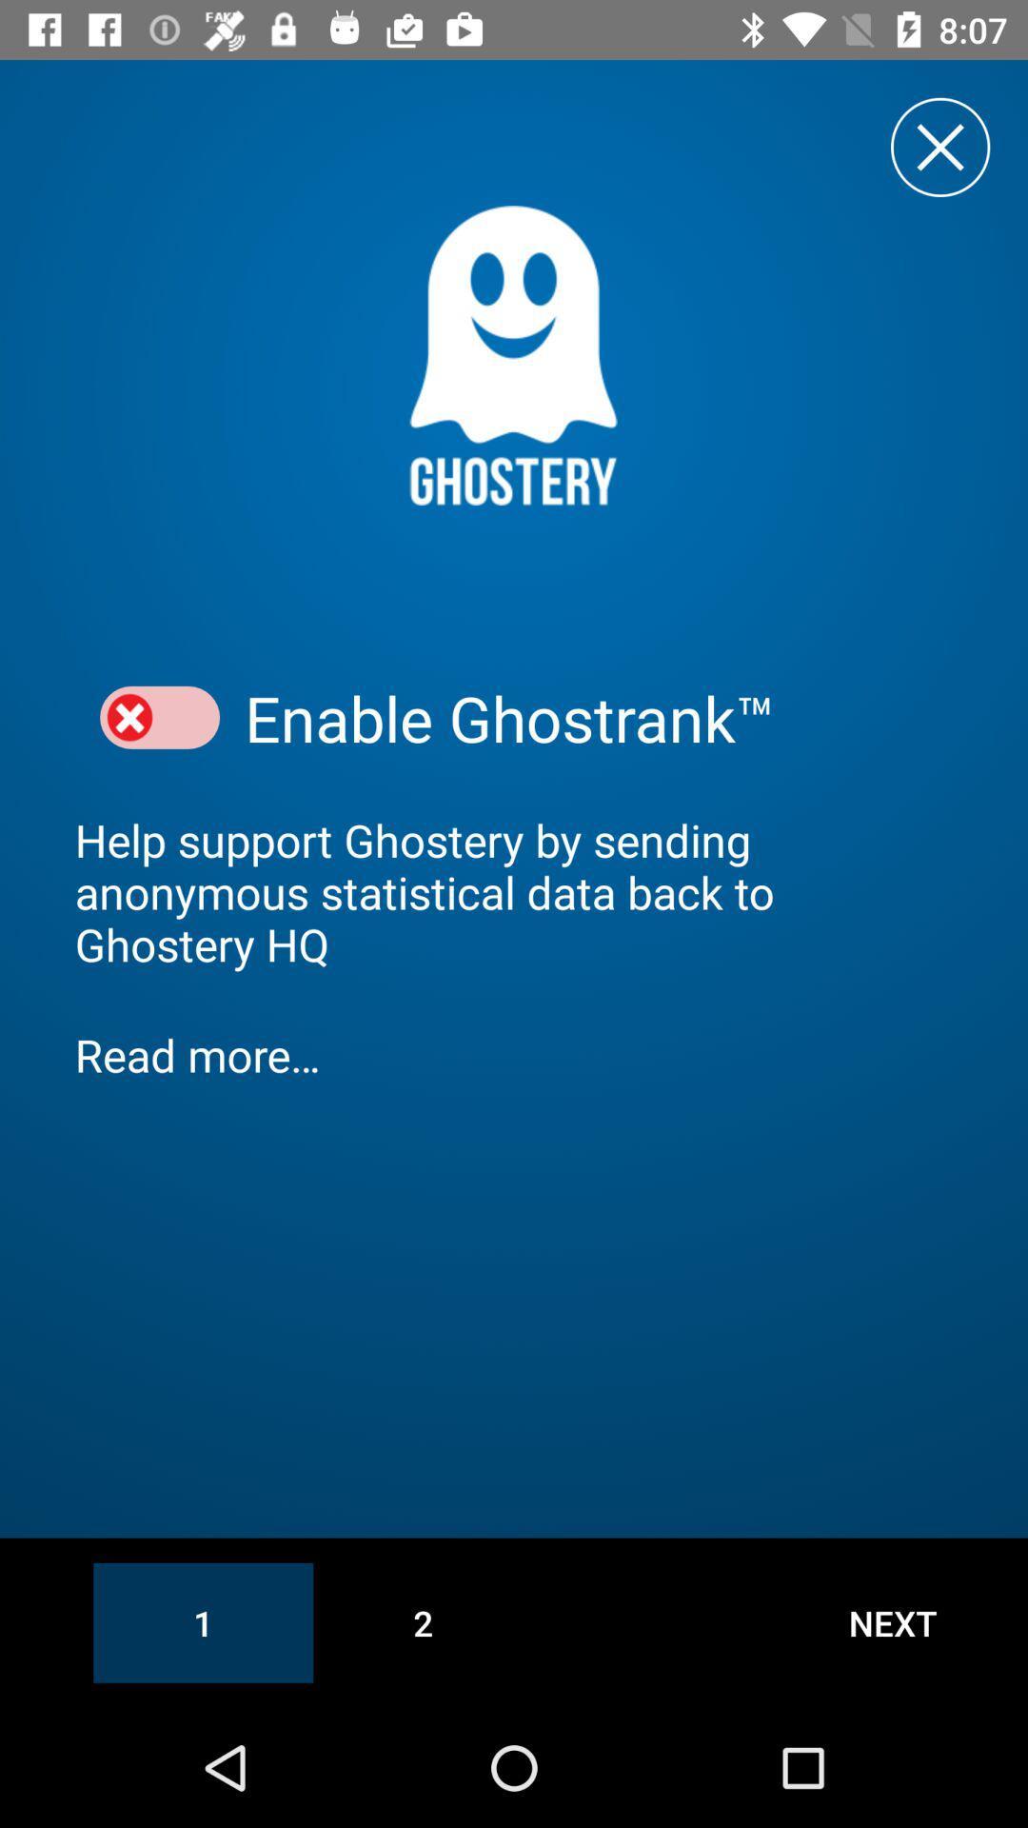 The height and width of the screenshot is (1828, 1028). What do you see at coordinates (893, 1621) in the screenshot?
I see `icon next to the 2 icon` at bounding box center [893, 1621].